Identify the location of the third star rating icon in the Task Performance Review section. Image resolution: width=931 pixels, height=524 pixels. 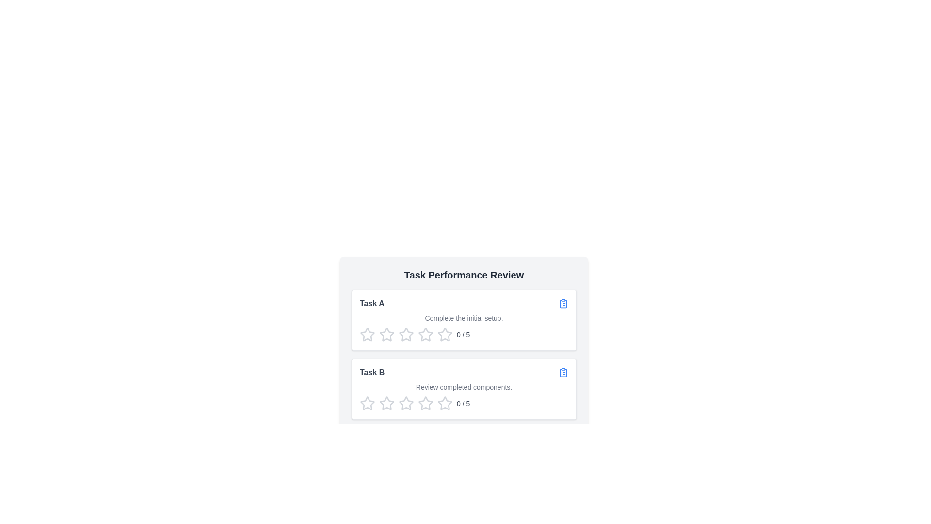
(426, 334).